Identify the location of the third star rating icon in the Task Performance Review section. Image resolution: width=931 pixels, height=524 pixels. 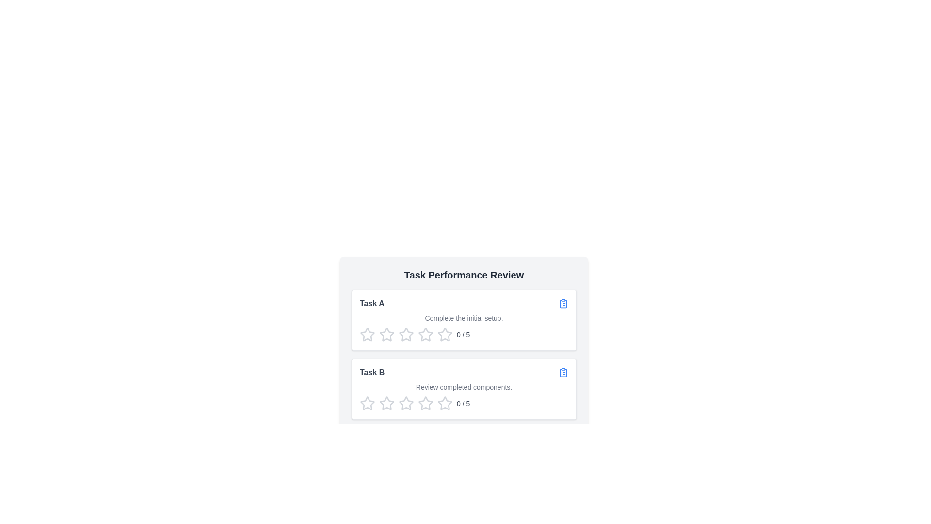
(426, 334).